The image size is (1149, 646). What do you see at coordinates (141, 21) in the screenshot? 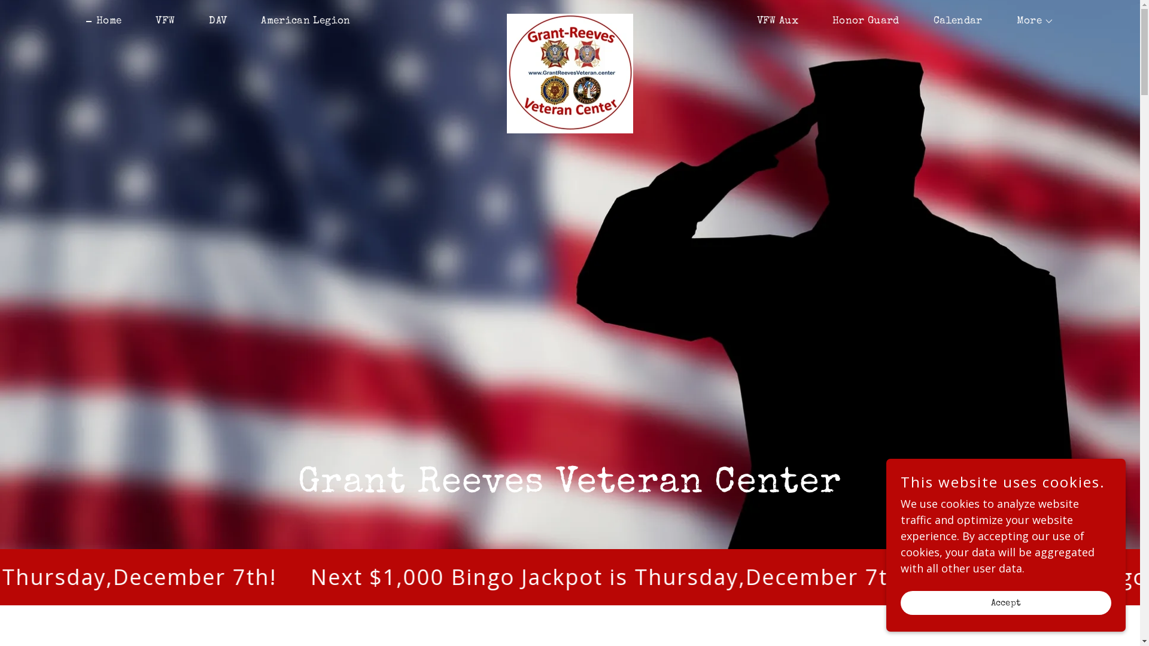
I see `'VFW'` at bounding box center [141, 21].